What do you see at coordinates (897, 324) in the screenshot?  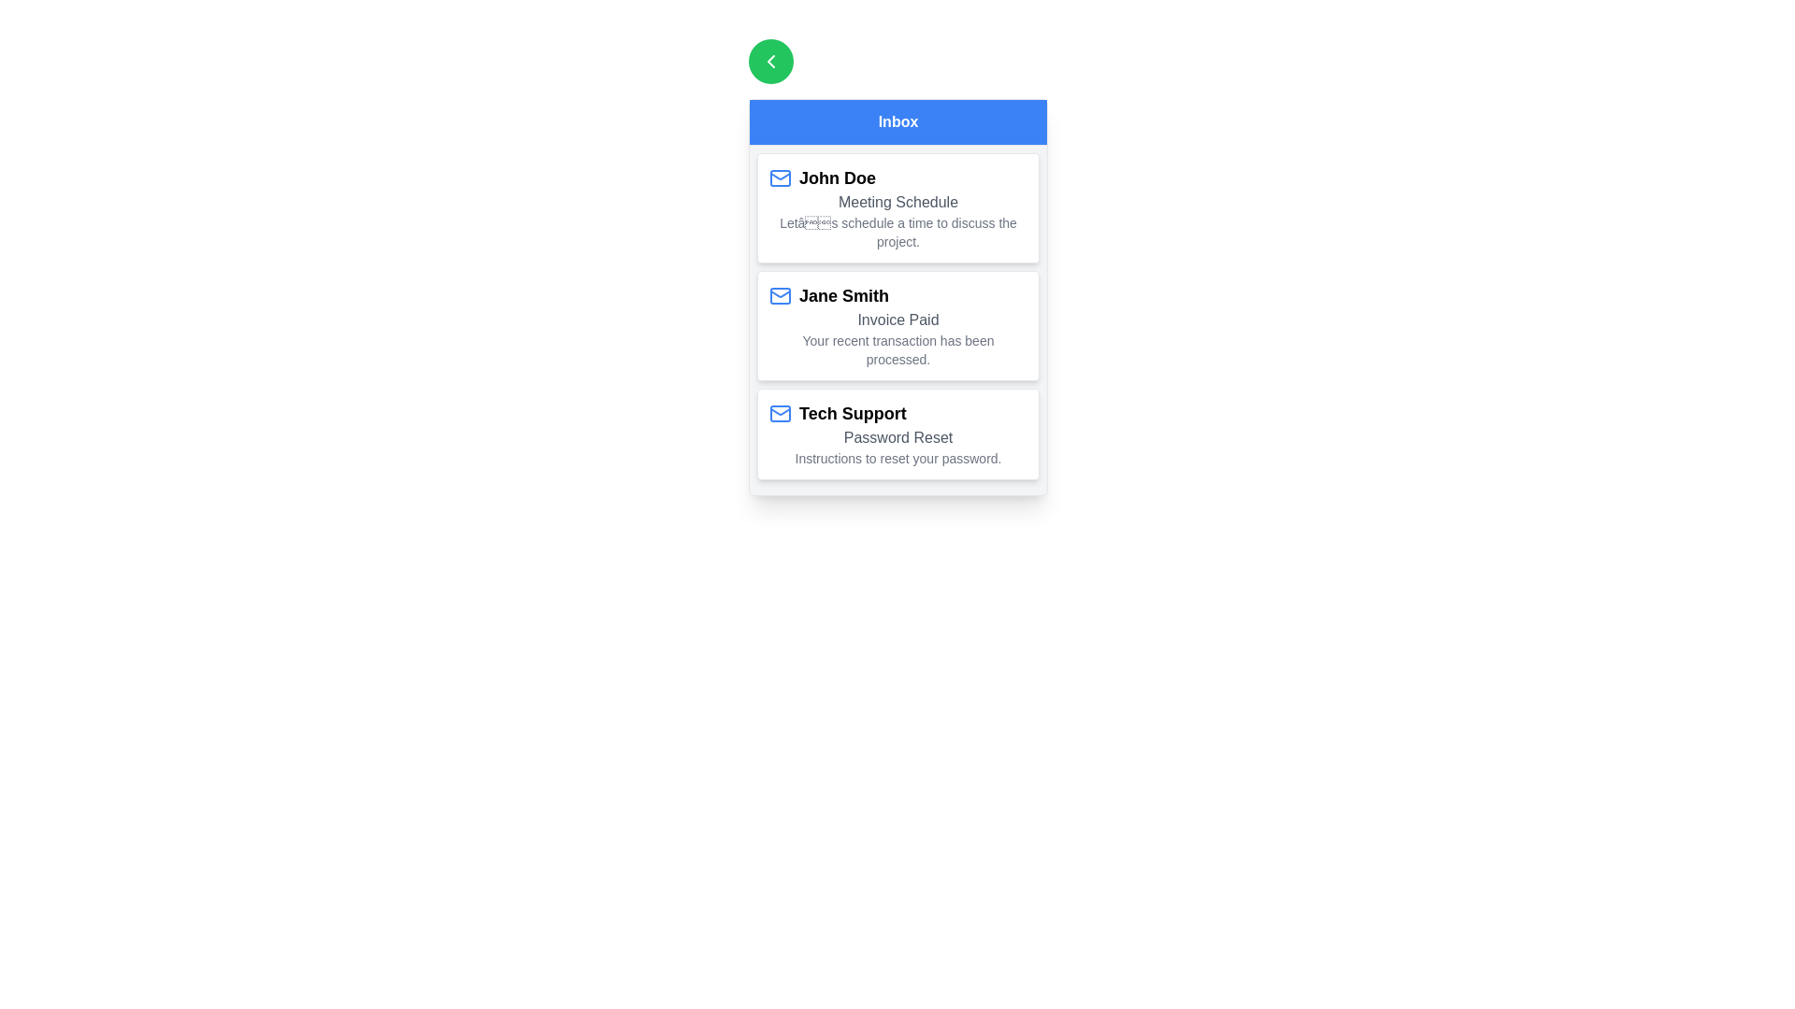 I see `the email item corresponding to Jane Smith` at bounding box center [897, 324].